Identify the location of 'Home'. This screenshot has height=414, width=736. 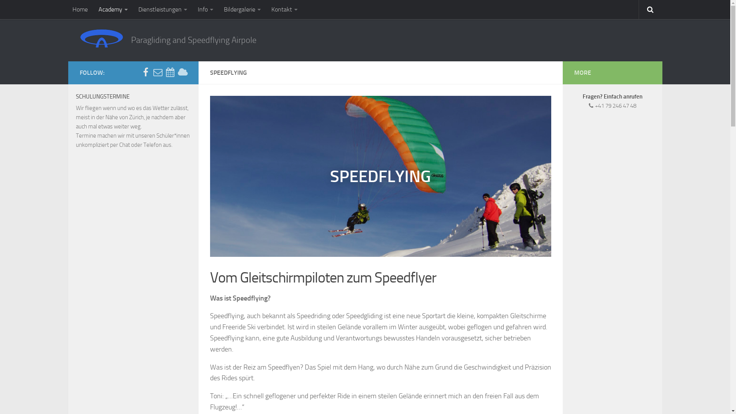
(80, 9).